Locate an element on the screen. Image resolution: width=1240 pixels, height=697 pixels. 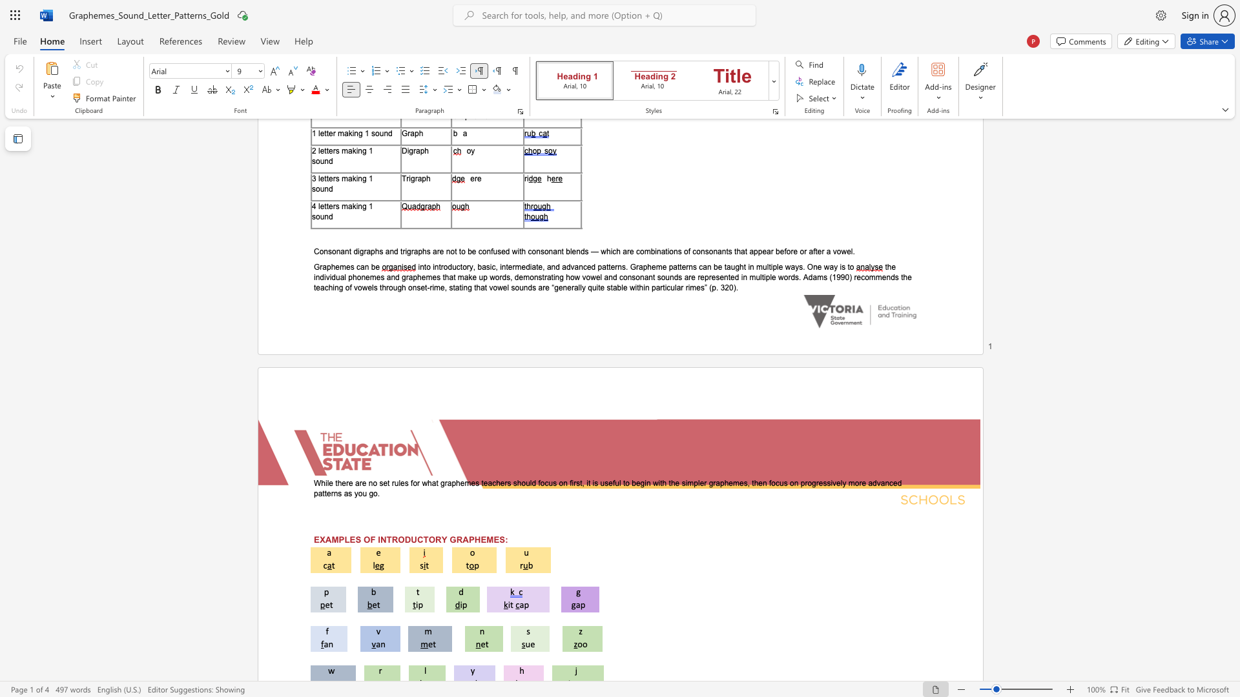
the subset text "s should focus on first, it is us" within the text "While there are no set rules for what graphemes teachers should focus on first, it is useful to begin with the simpler graphemes, then focus on progressively more advanced patterns as you go" is located at coordinates (506, 483).